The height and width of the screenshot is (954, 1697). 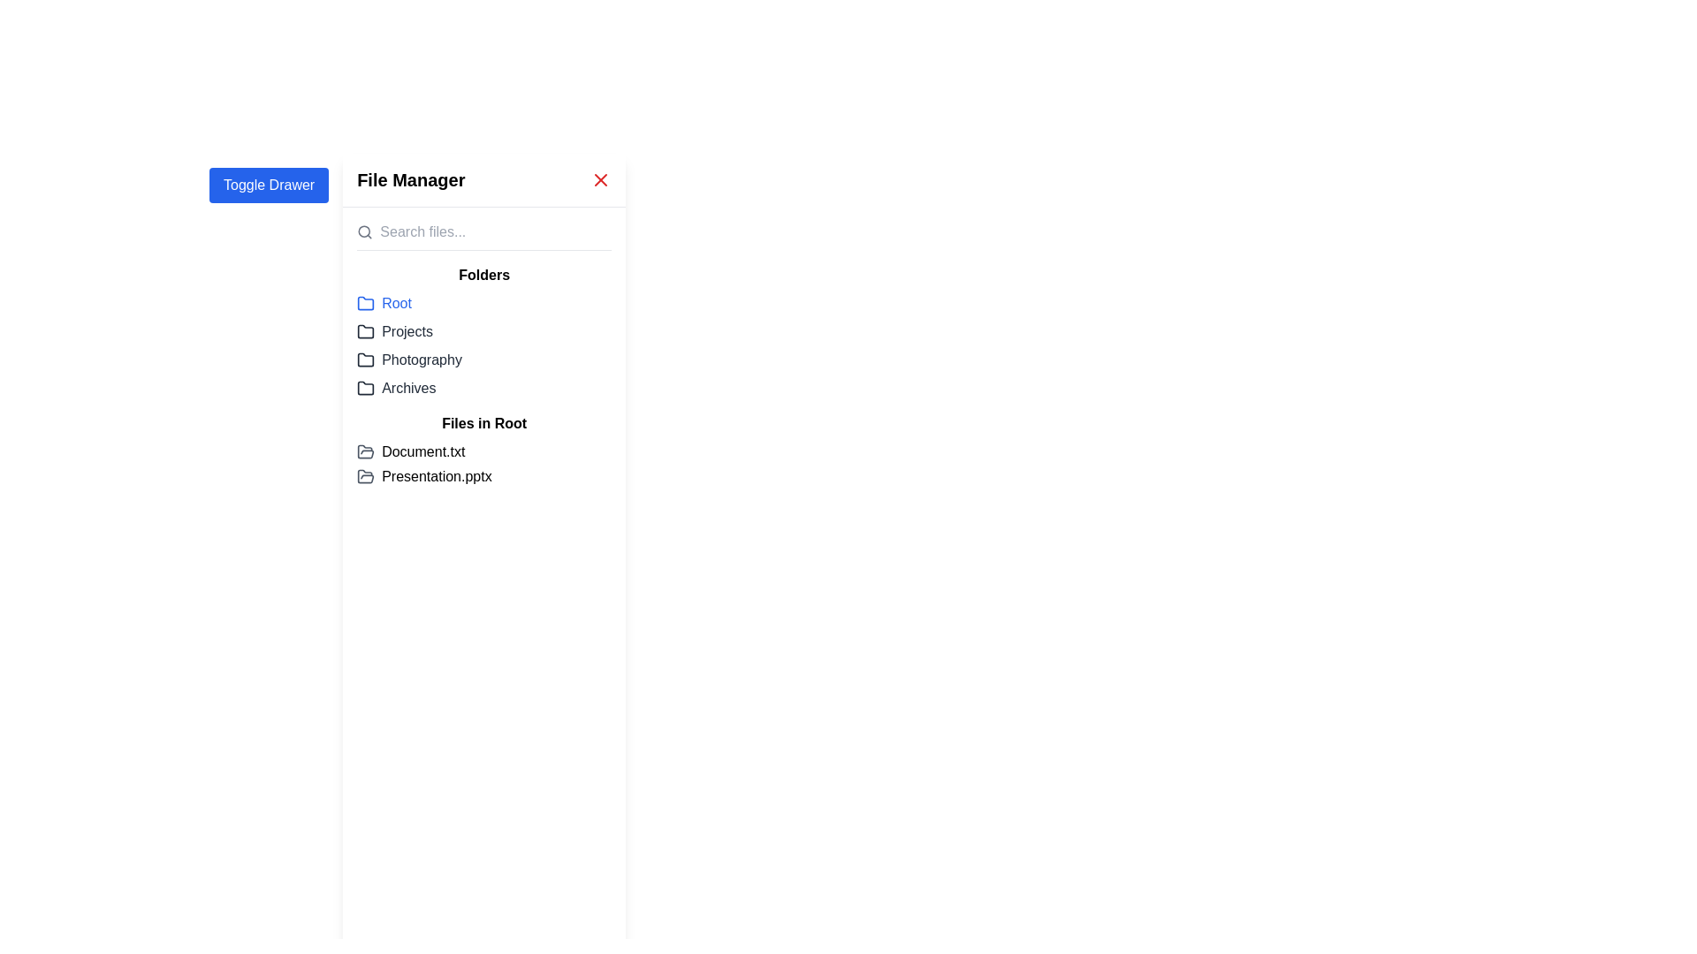 I want to click on the 'Root' text label in the left navigation panel under the 'Folders' section, so click(x=396, y=302).